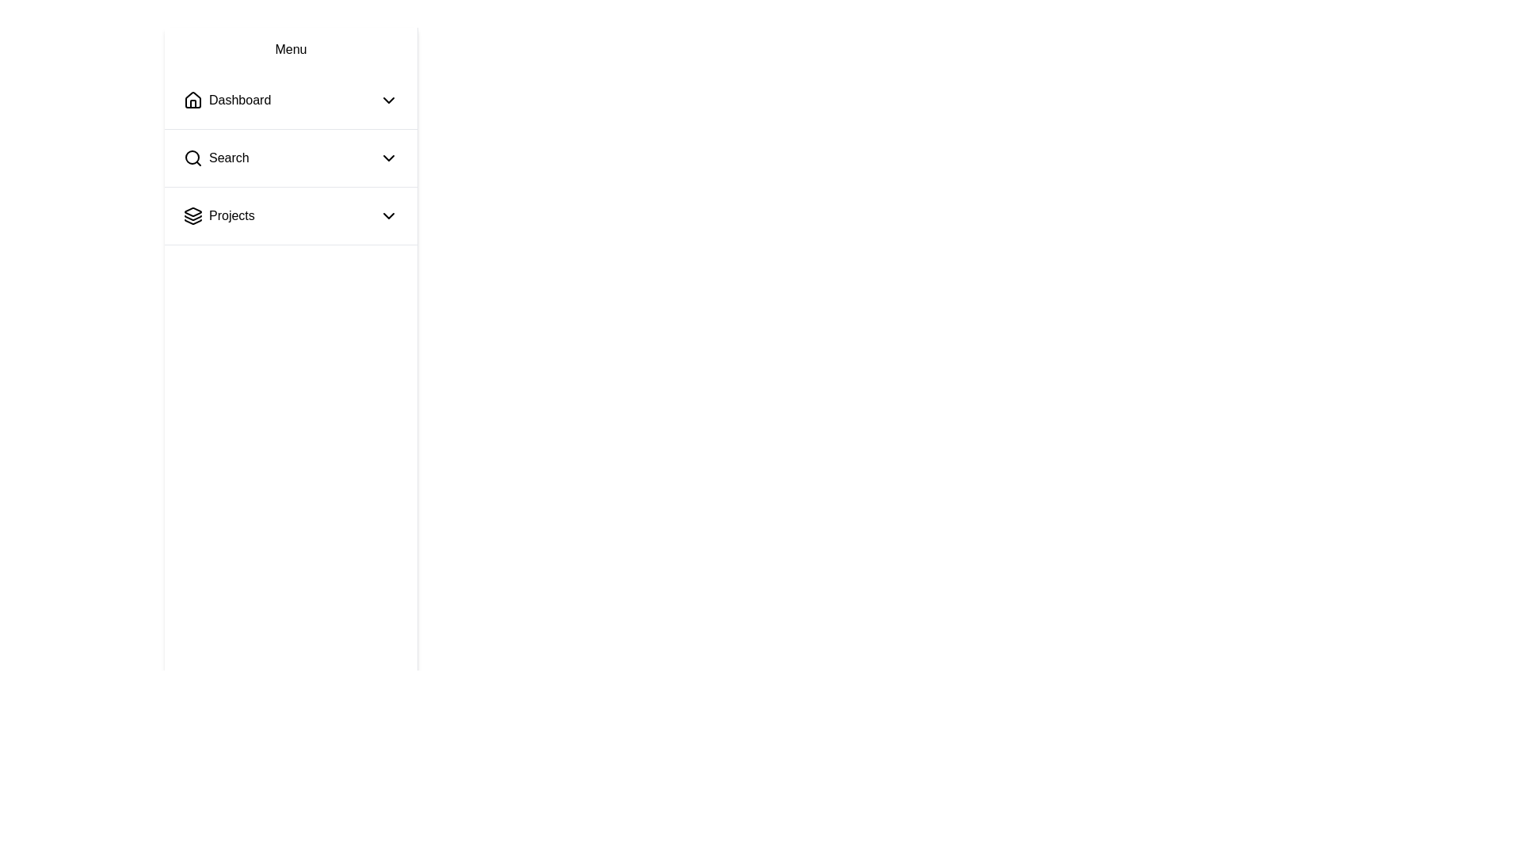 The width and height of the screenshot is (1521, 855). What do you see at coordinates (388, 216) in the screenshot?
I see `the downwards chevron icon` at bounding box center [388, 216].